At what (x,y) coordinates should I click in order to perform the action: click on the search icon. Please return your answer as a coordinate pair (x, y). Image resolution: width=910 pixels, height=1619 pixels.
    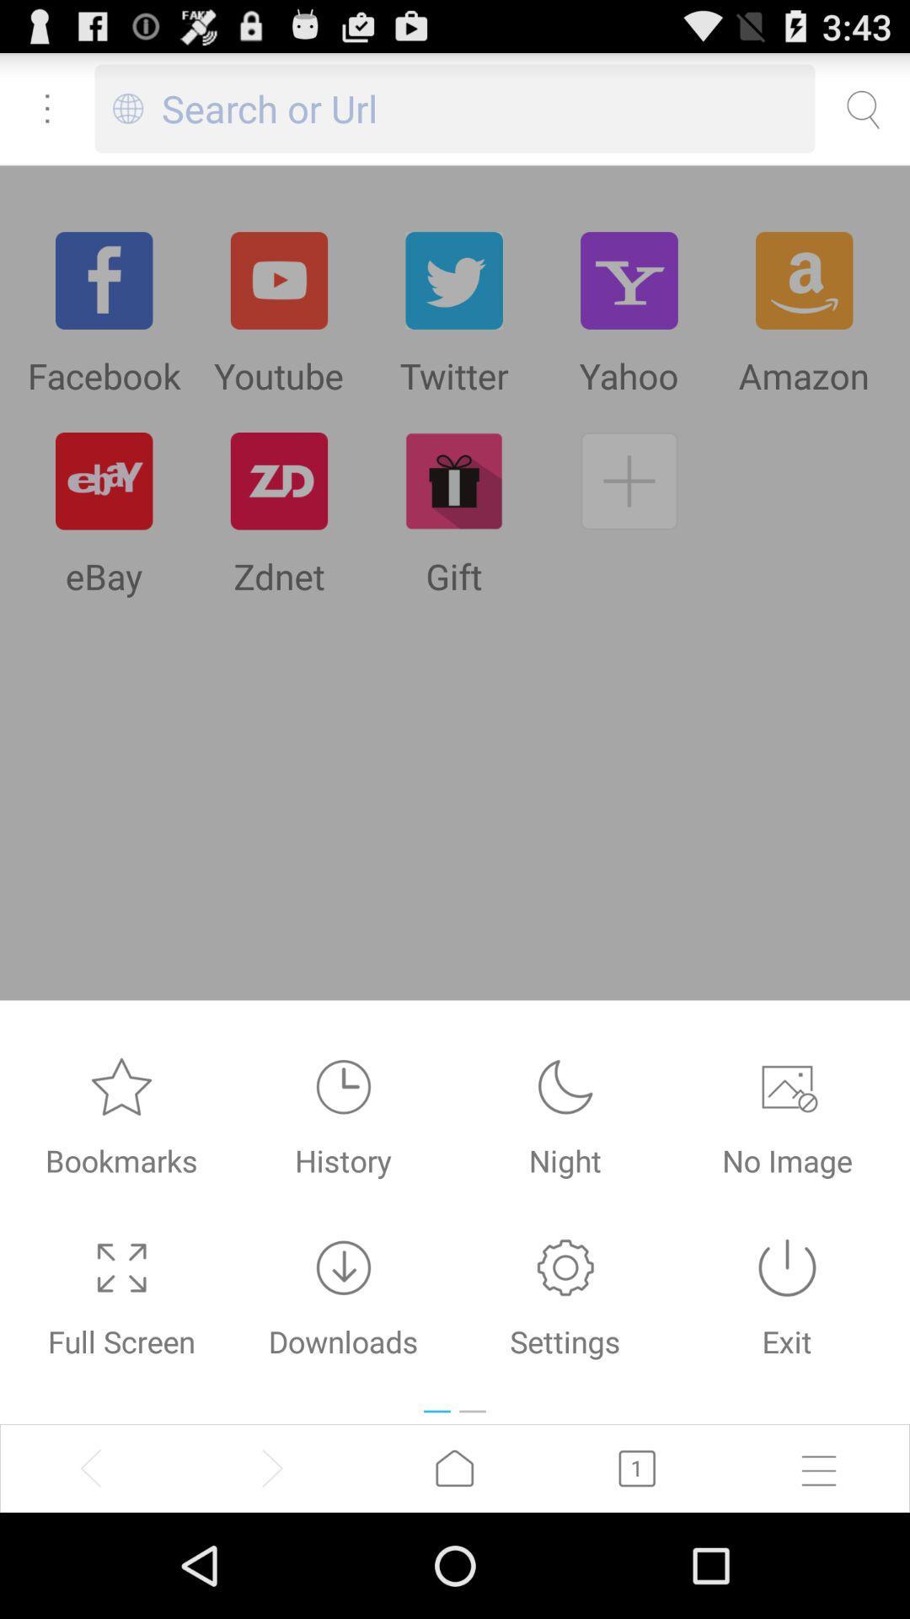
    Looking at the image, I should click on (862, 116).